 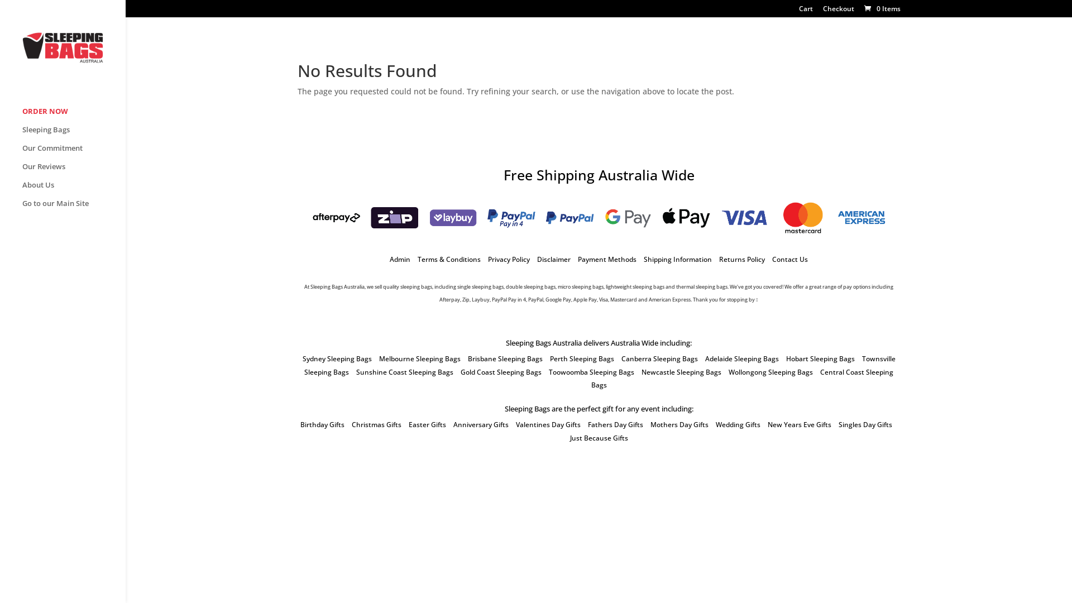 I want to click on 'Disclaimer', so click(x=554, y=259).